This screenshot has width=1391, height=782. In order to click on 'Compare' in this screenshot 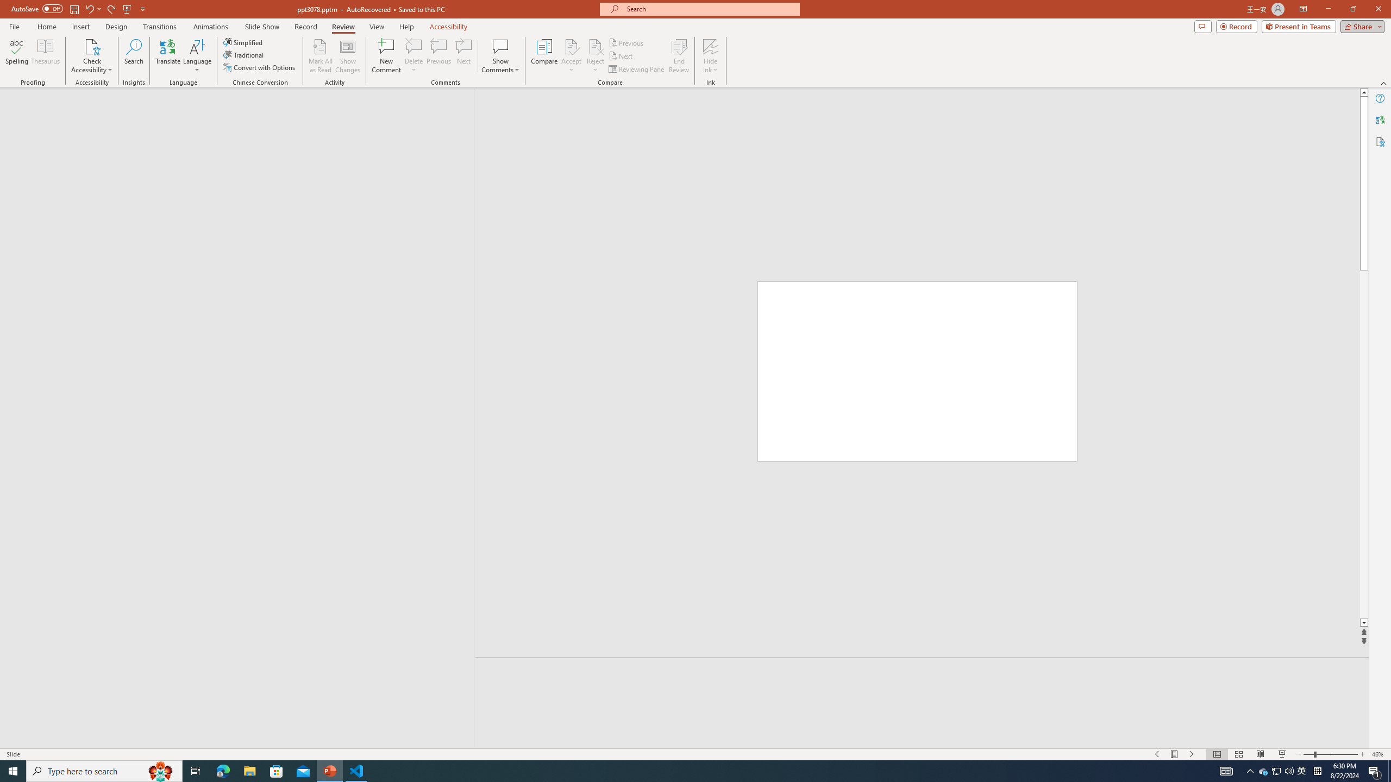, I will do `click(544, 56)`.